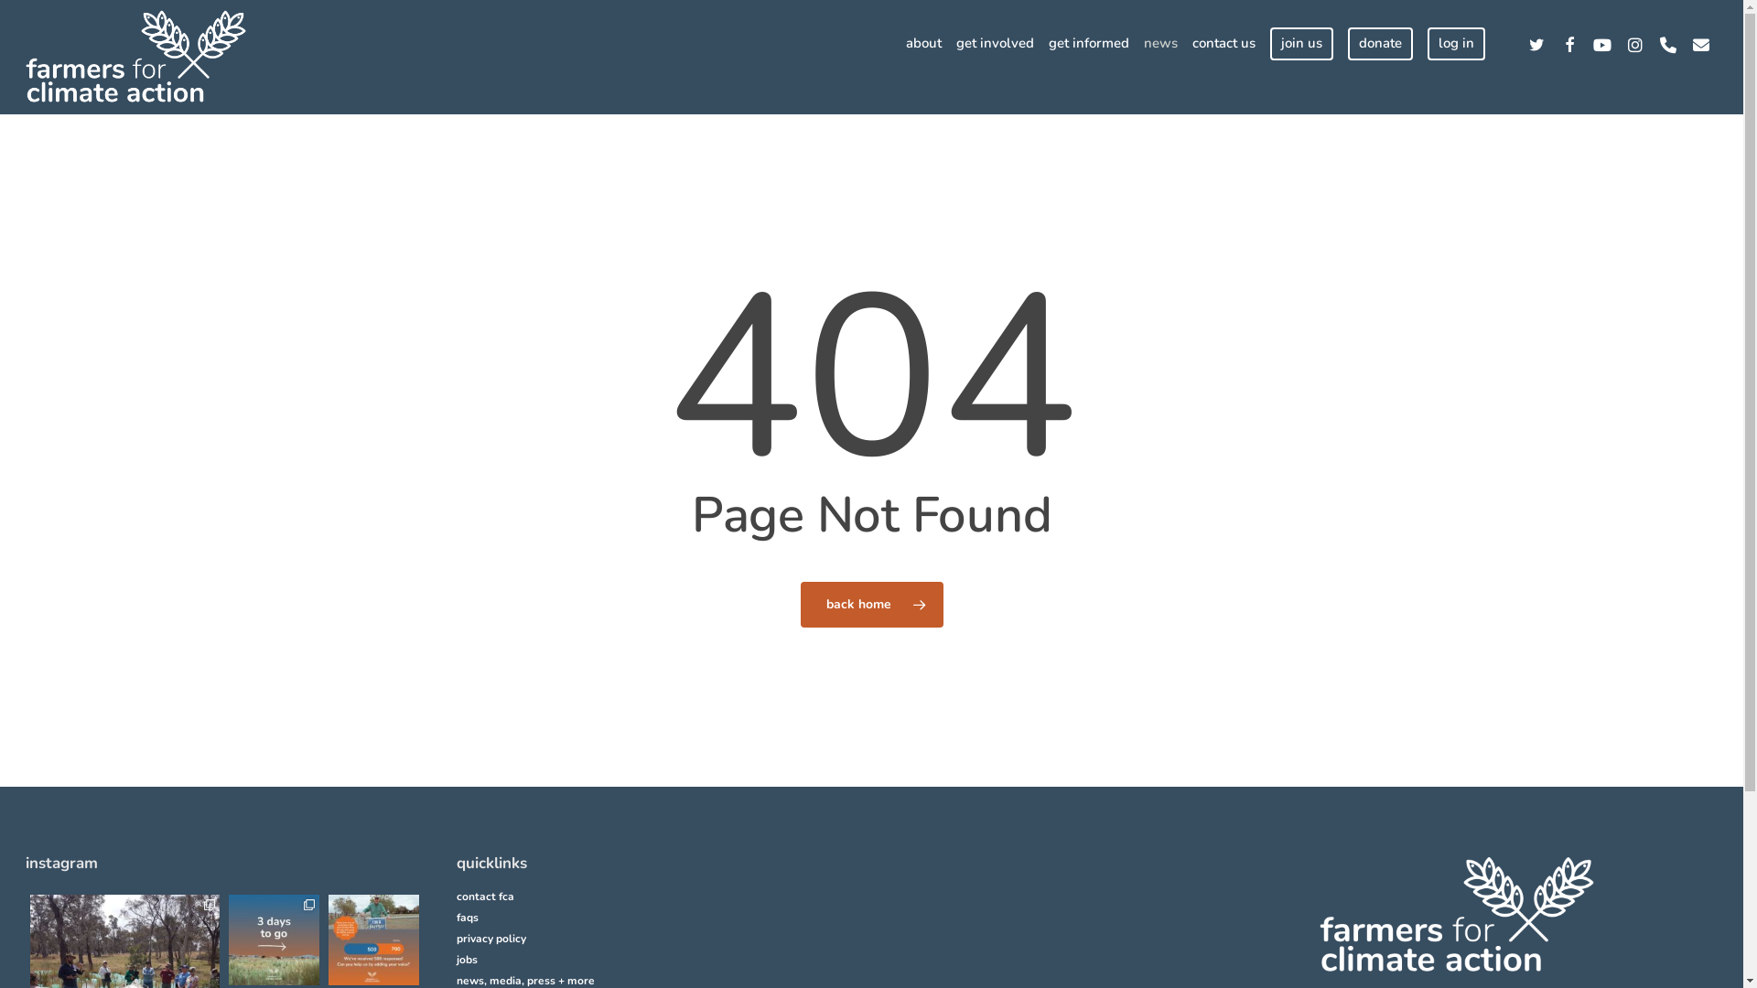  I want to click on 'get informed', so click(1089, 42).